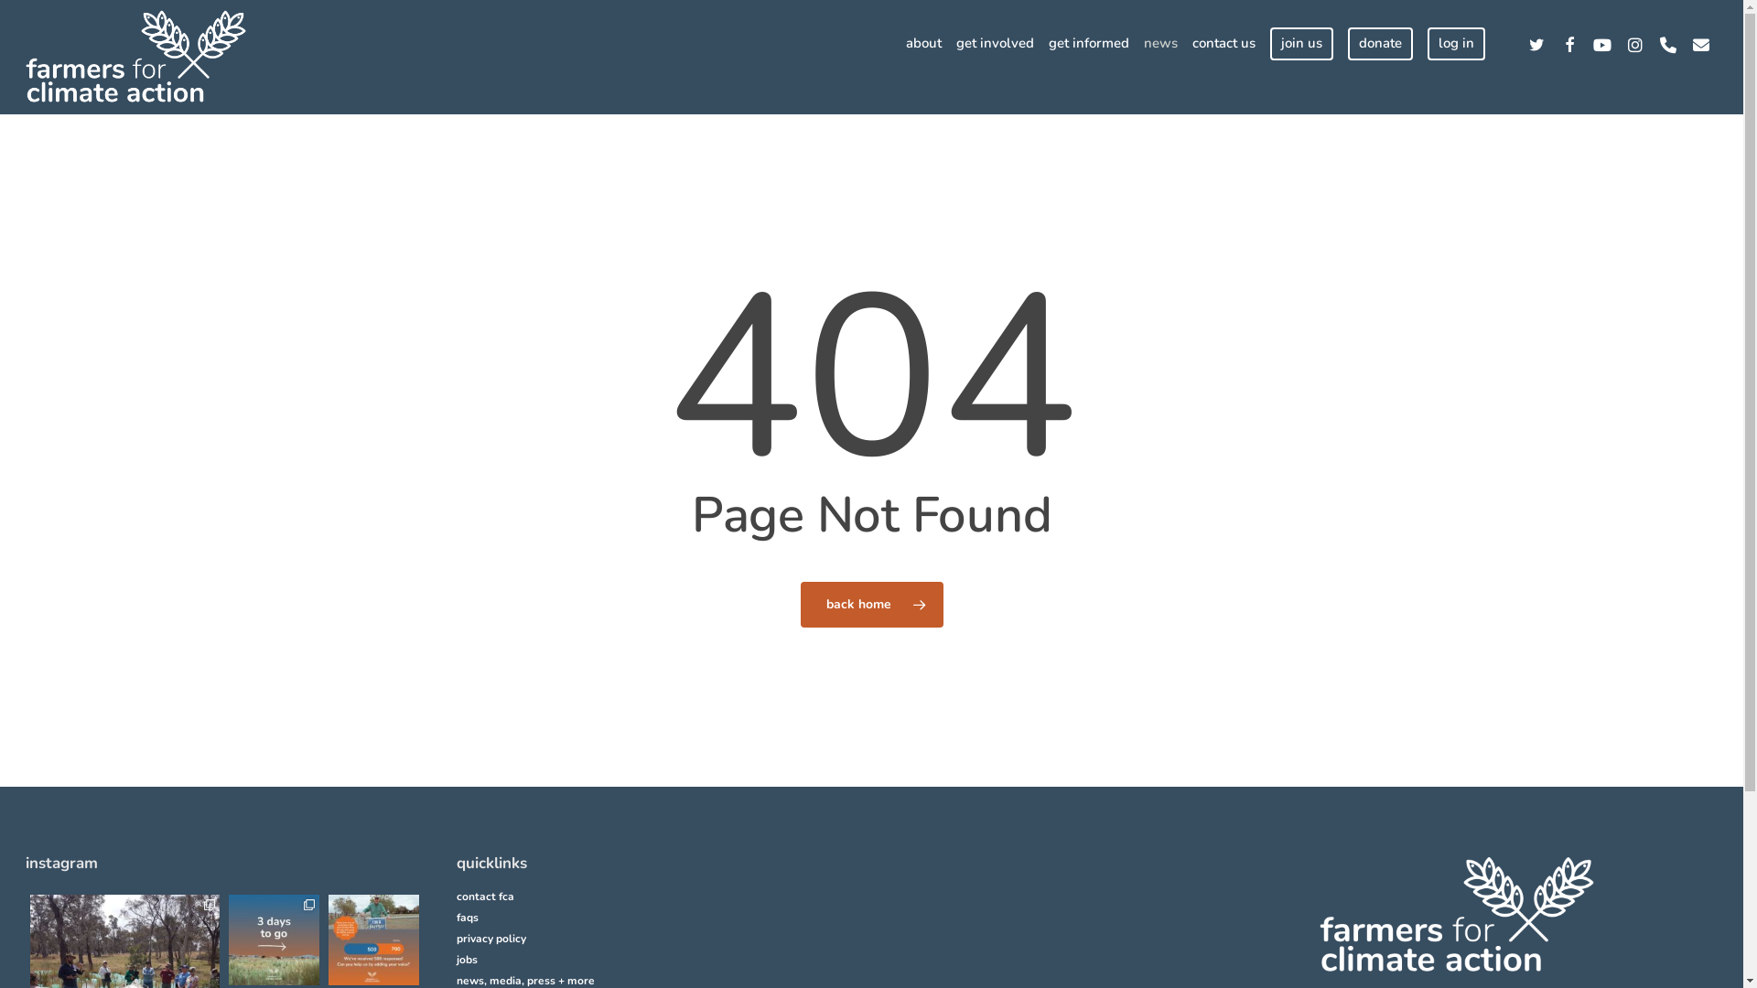  I want to click on 'get informed', so click(1089, 42).